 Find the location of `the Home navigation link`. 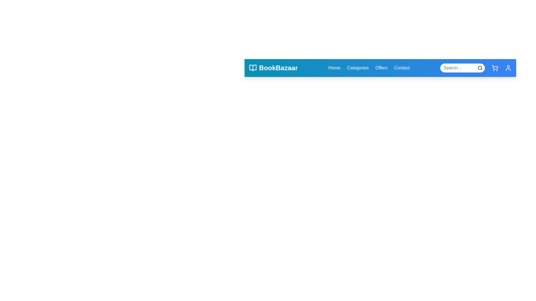

the Home navigation link is located at coordinates (334, 67).